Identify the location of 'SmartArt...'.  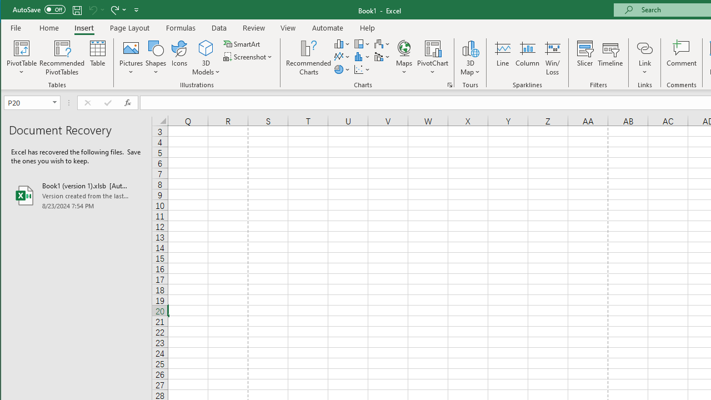
(242, 43).